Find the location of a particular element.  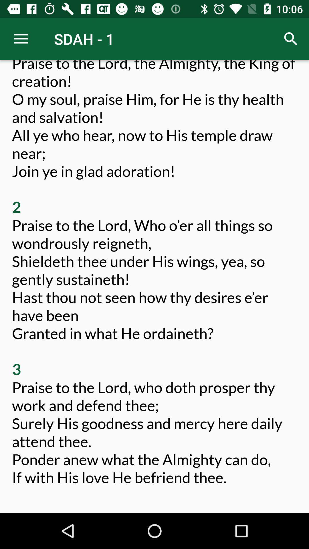

icon above 001 praise to icon is located at coordinates (21, 39).